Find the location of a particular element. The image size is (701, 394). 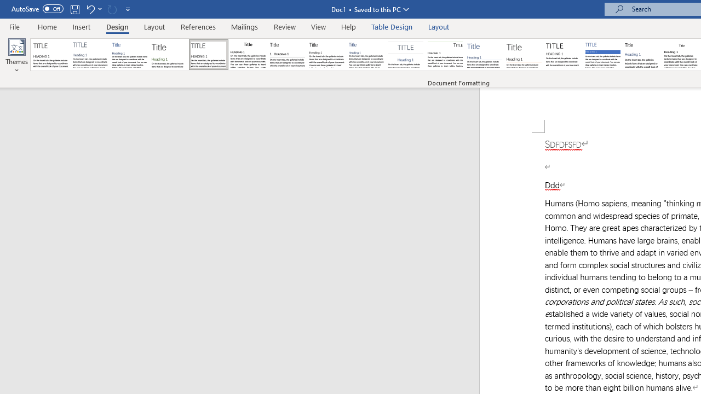

'Basic (Simple)' is located at coordinates (129, 55).